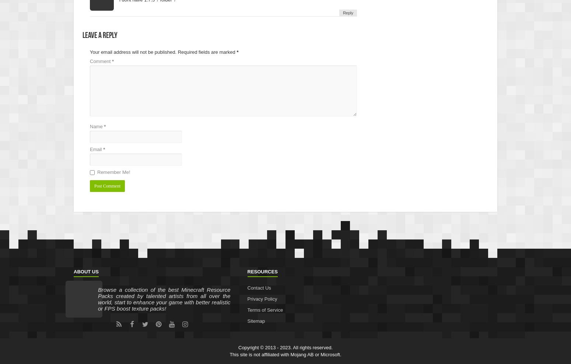 Image resolution: width=571 pixels, height=364 pixels. Describe the element at coordinates (285, 347) in the screenshot. I see `'Copyright © 2013 - 2023. All rights reserved.'` at that location.